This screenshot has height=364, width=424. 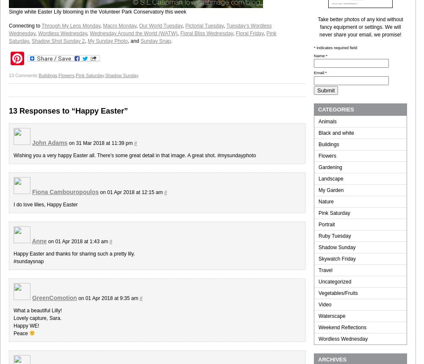 What do you see at coordinates (37, 310) in the screenshot?
I see `'What a beautiful Lilly!'` at bounding box center [37, 310].